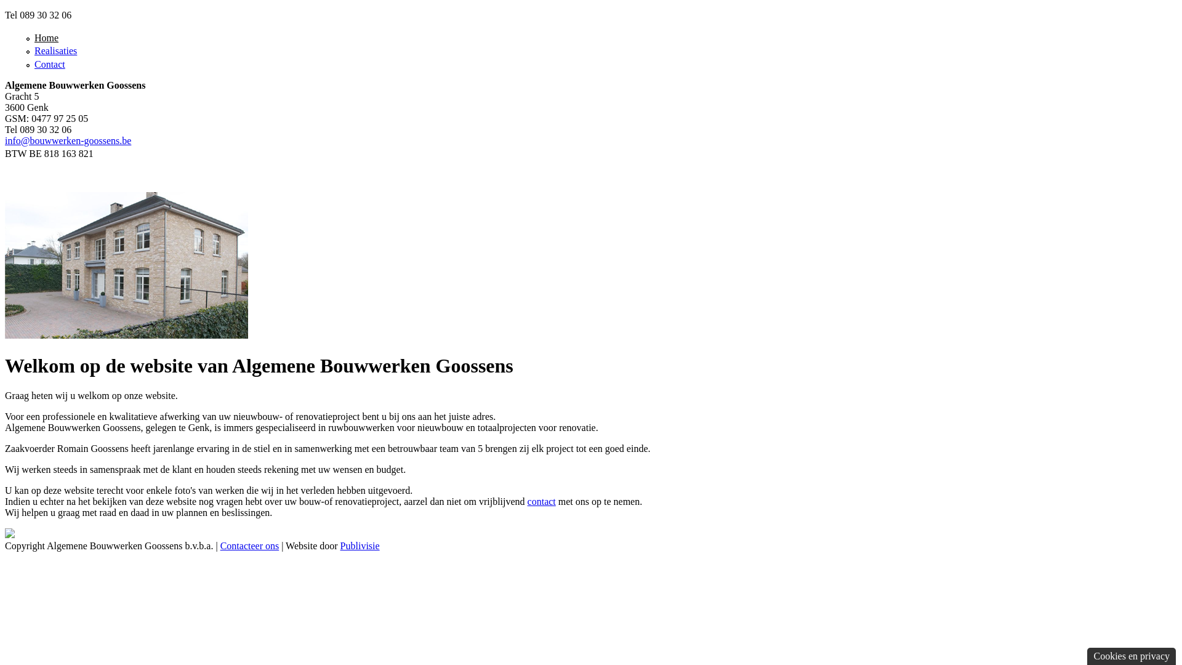  I want to click on 'contact', so click(541, 501).